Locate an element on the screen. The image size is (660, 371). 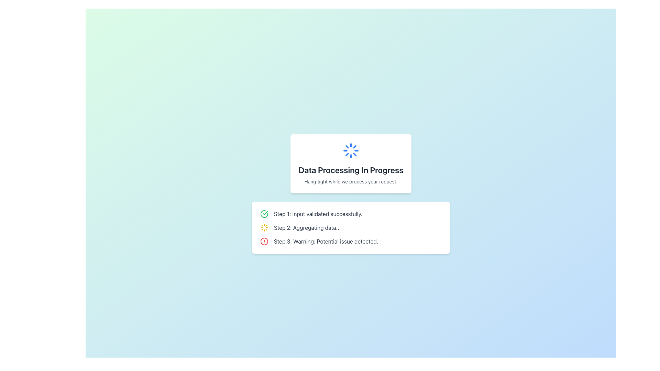
the Loading Indicator that visually indicates a process is running, located centrally aligned with the label 'Data Processing In Progress' is located at coordinates (351, 150).